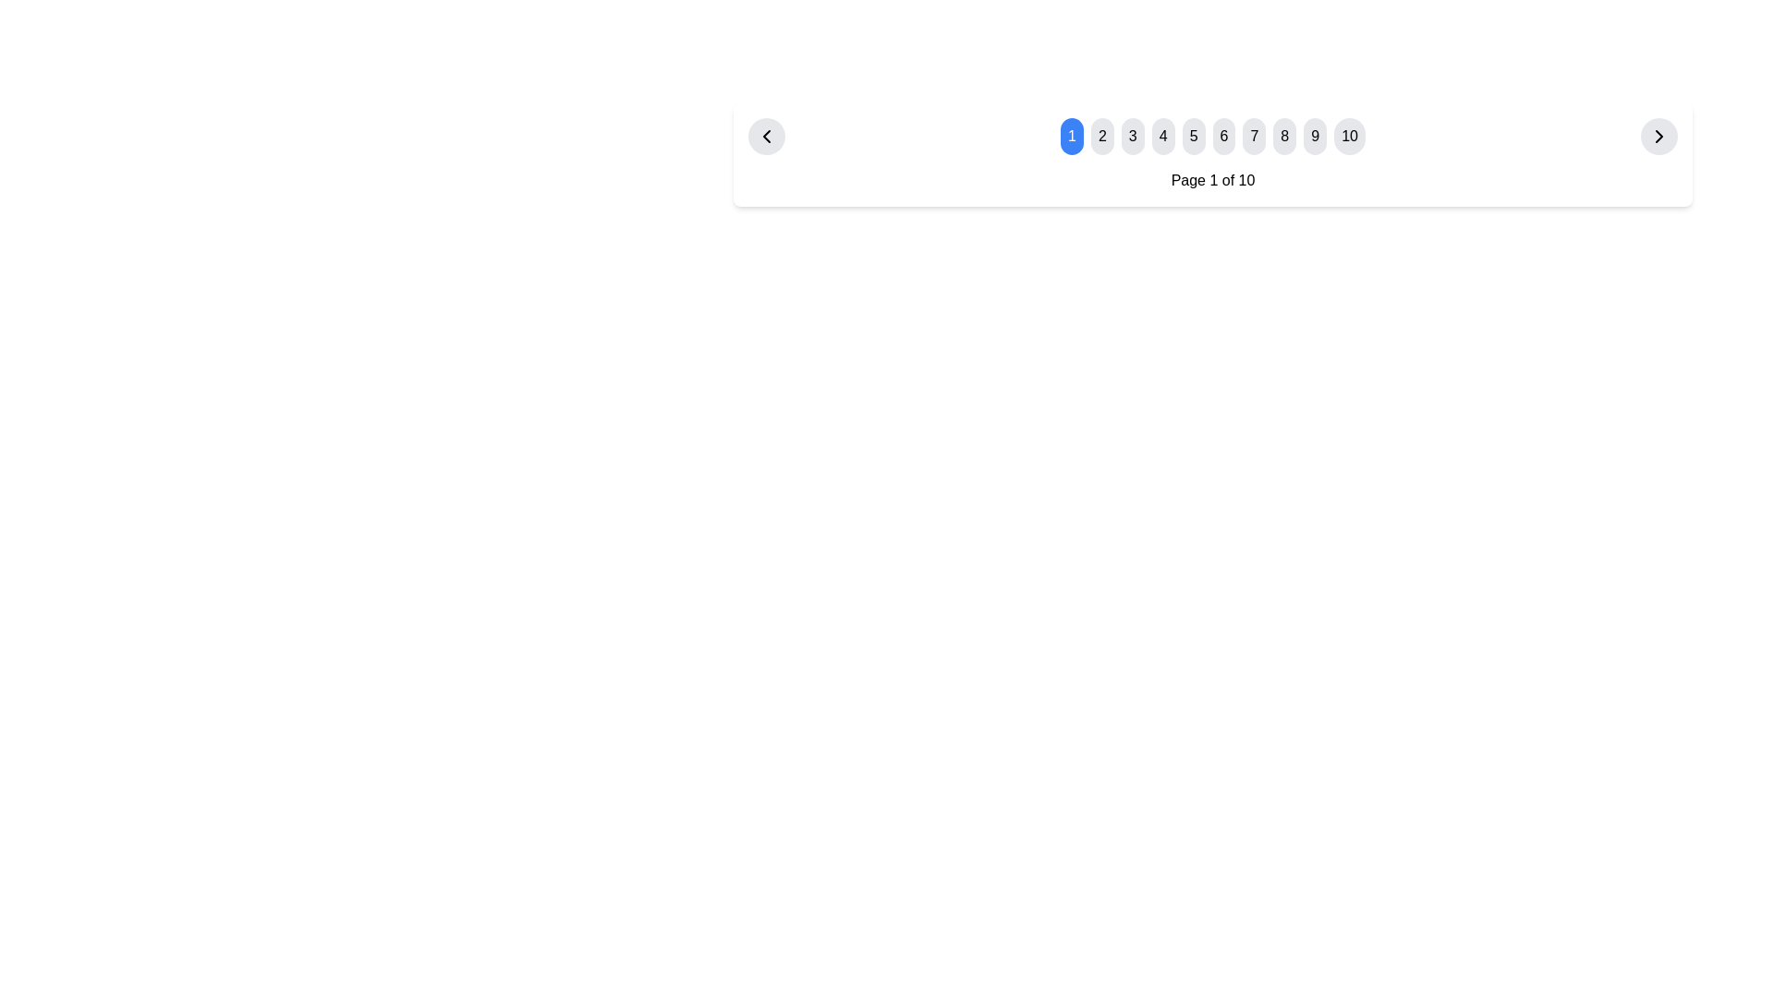  What do you see at coordinates (1212, 135) in the screenshot?
I see `the Pagination control` at bounding box center [1212, 135].